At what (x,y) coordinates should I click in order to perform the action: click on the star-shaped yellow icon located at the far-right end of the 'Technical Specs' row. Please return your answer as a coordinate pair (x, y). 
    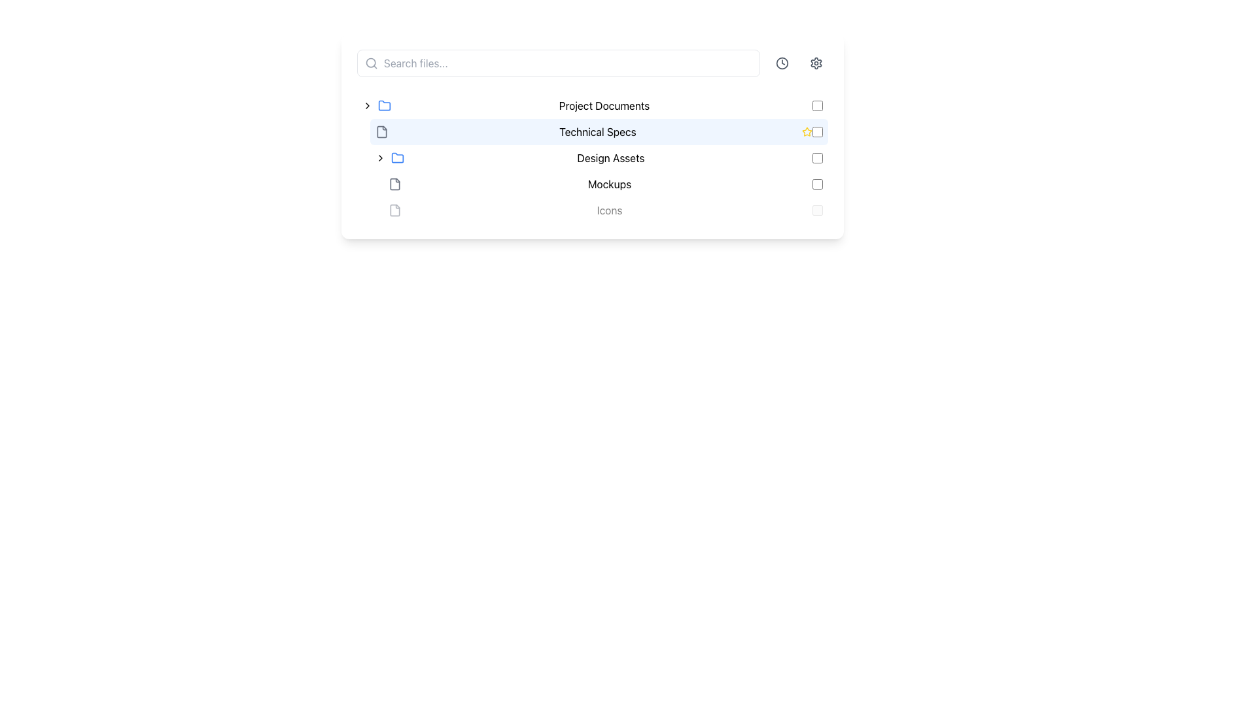
    Looking at the image, I should click on (806, 131).